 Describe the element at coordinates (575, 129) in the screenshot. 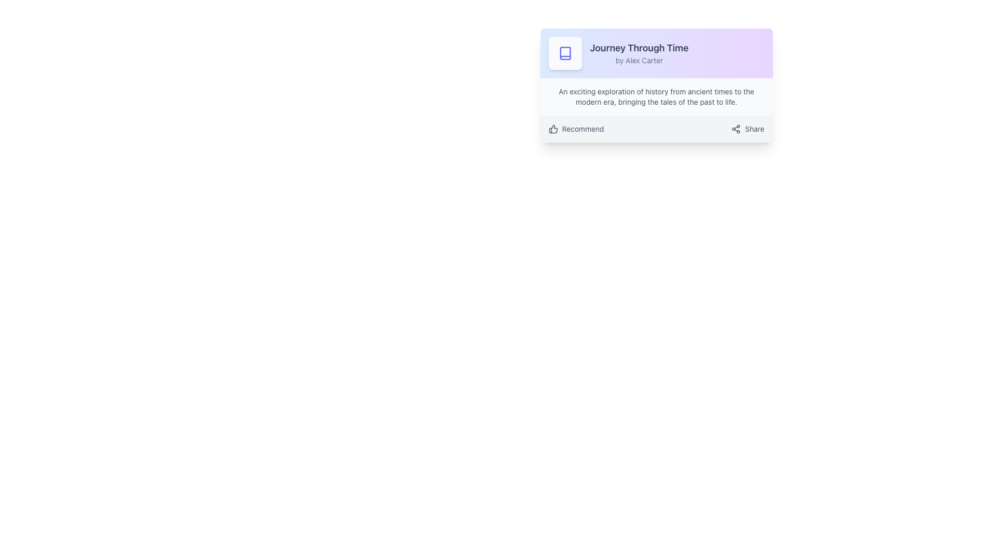

I see `the 'Recommend' button, which features a thumbs-up icon and changes color from gray to indigo on hover, located at the bottom left of a card-like component` at that location.